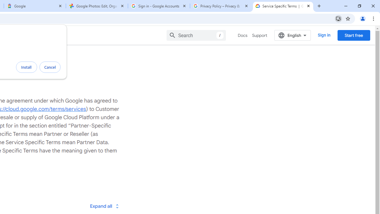 The height and width of the screenshot is (214, 380). Describe the element at coordinates (104, 206) in the screenshot. I see `'Toggle all'` at that location.